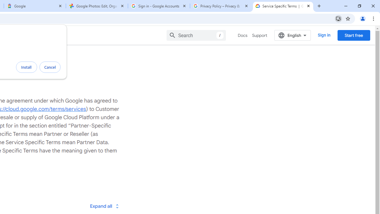 The height and width of the screenshot is (214, 380). Describe the element at coordinates (104, 206) in the screenshot. I see `'Toggle all'` at that location.